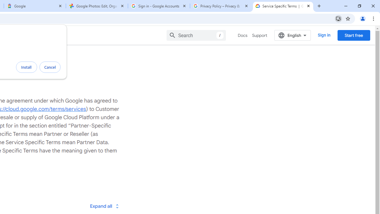 The height and width of the screenshot is (214, 380). Describe the element at coordinates (104, 206) in the screenshot. I see `'Toggle all'` at that location.